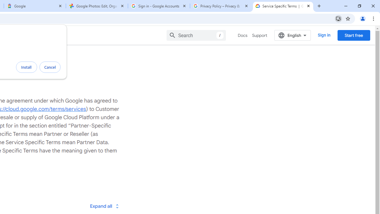 The height and width of the screenshot is (214, 380). Describe the element at coordinates (104, 206) in the screenshot. I see `'Toggle all'` at that location.